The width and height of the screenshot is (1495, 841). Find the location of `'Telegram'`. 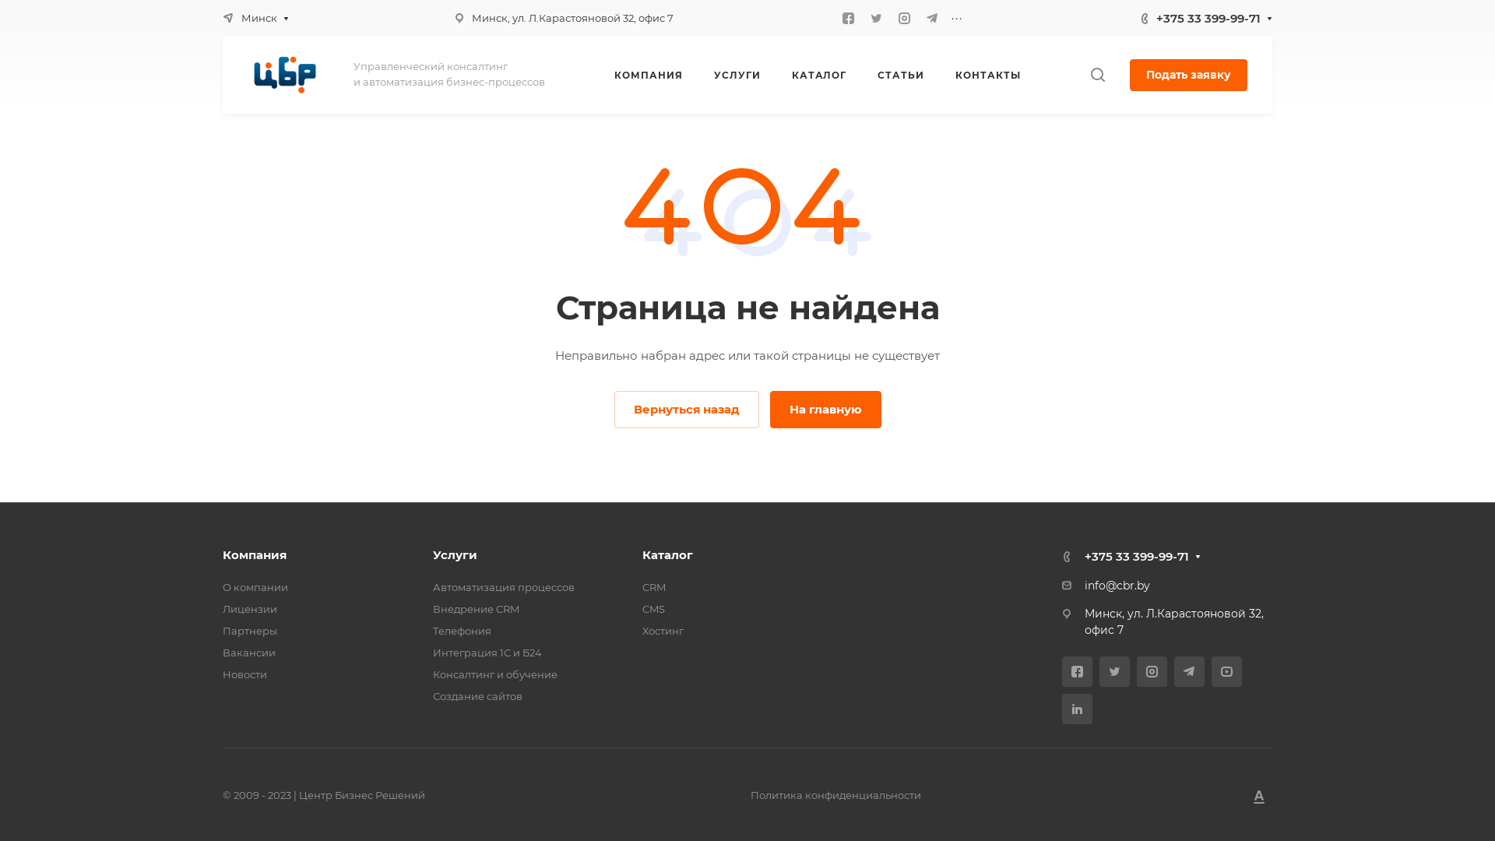

'Telegram' is located at coordinates (931, 18).